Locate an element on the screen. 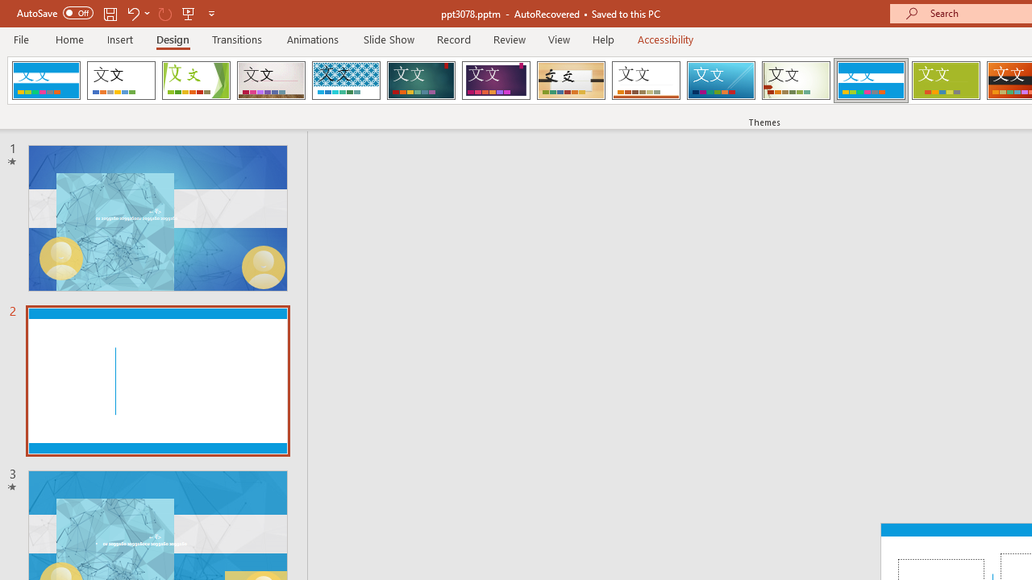 The image size is (1032, 580). 'Retrospect' is located at coordinates (646, 81).